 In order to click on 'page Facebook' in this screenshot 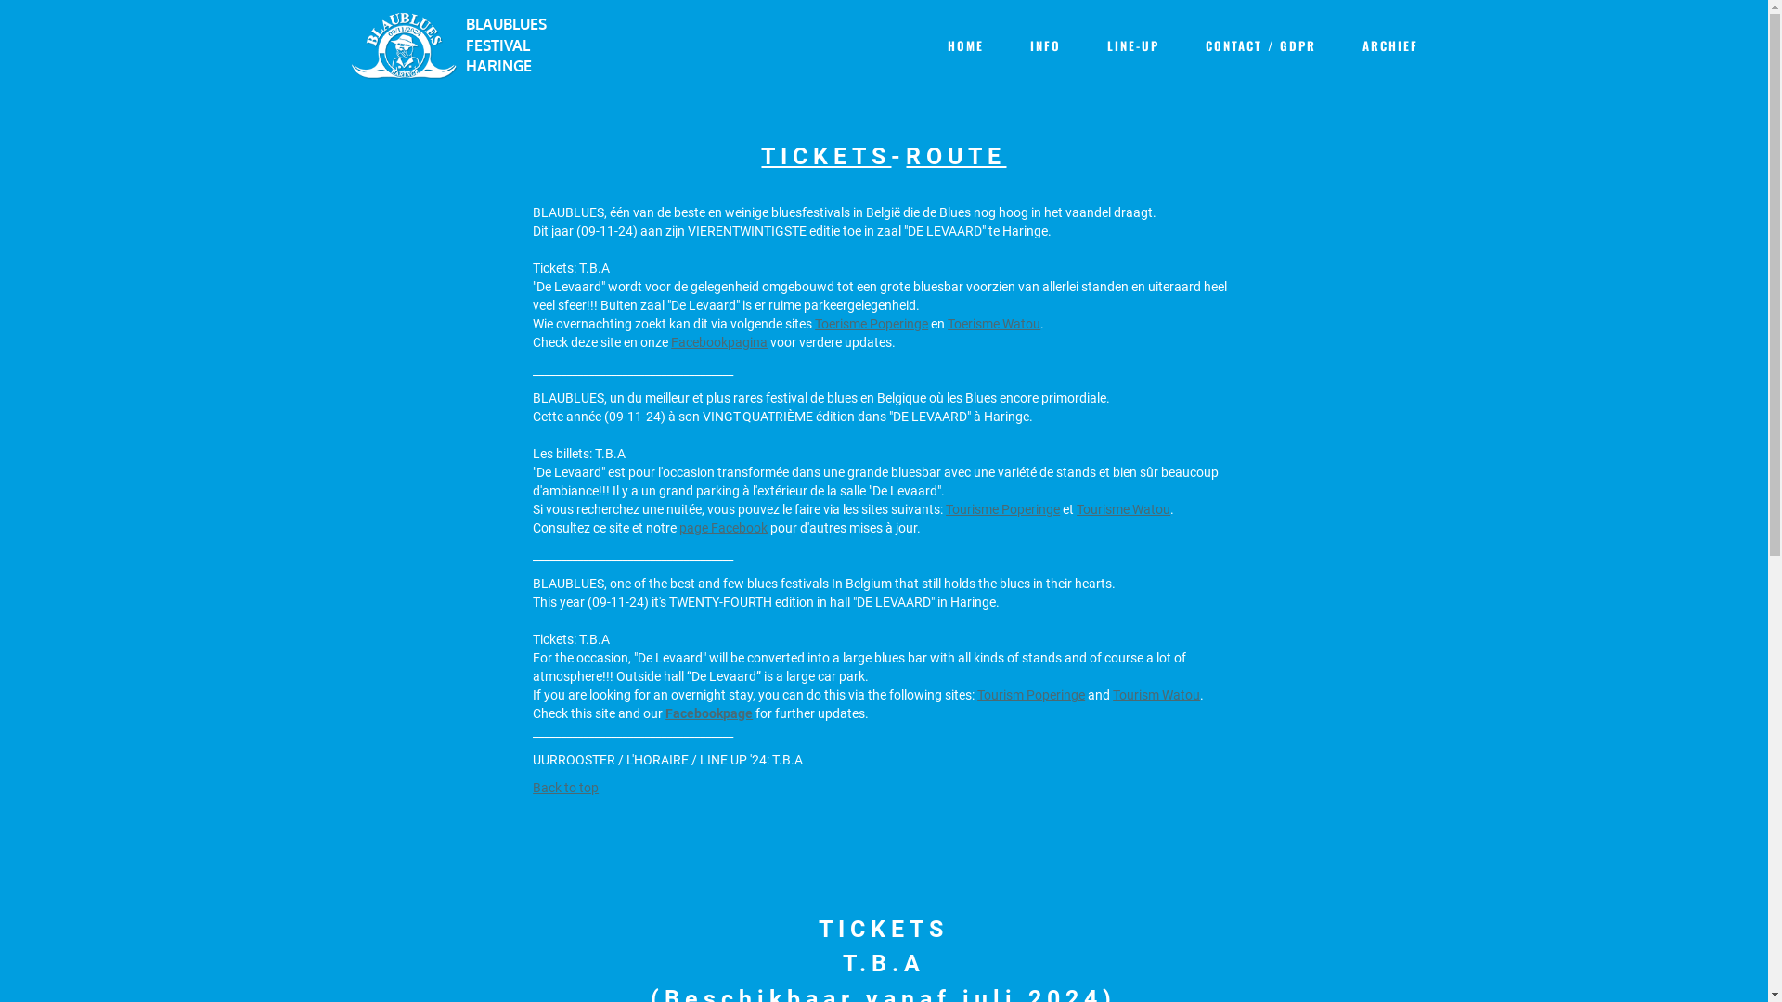, I will do `click(722, 526)`.